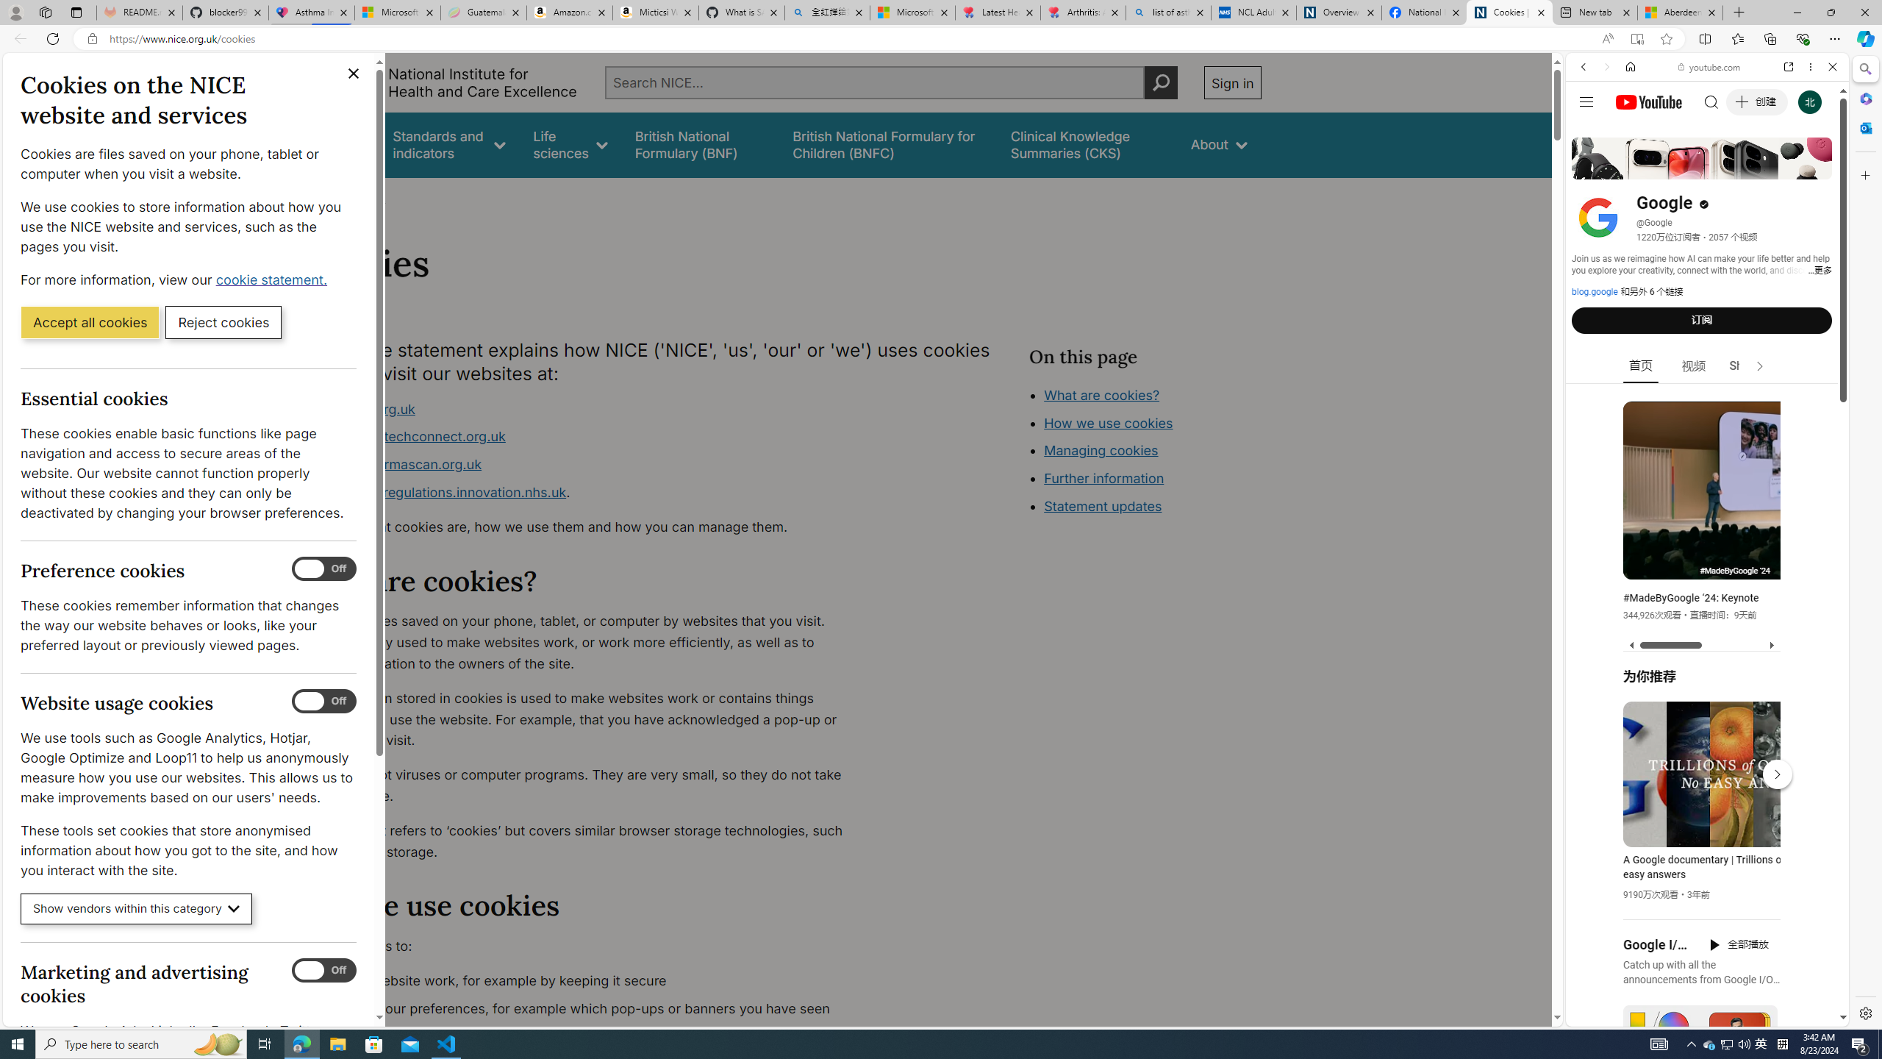 The width and height of the screenshot is (1882, 1059). What do you see at coordinates (1083, 12) in the screenshot?
I see `'Arthritis: Ask Health Professionals'` at bounding box center [1083, 12].